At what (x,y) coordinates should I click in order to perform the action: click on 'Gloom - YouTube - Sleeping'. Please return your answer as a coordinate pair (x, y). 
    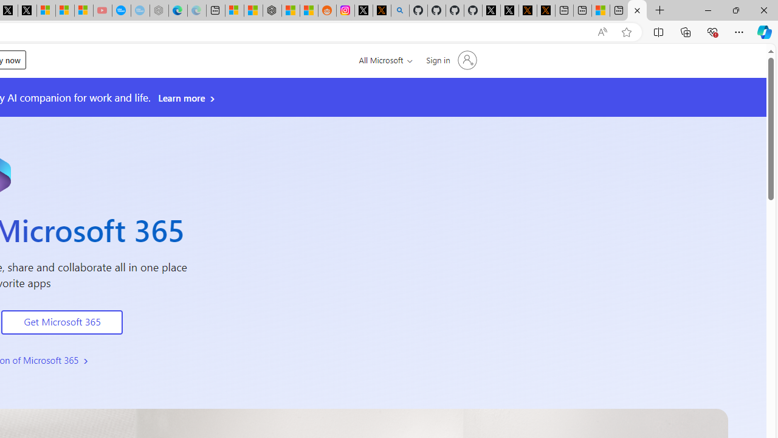
    Looking at the image, I should click on (102, 10).